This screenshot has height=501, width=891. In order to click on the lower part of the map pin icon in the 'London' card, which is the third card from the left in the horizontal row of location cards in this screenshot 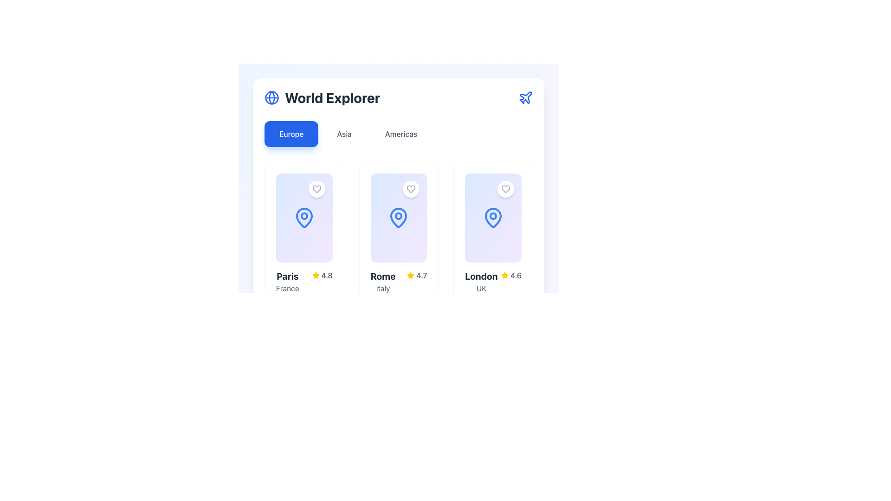, I will do `click(493, 218)`.